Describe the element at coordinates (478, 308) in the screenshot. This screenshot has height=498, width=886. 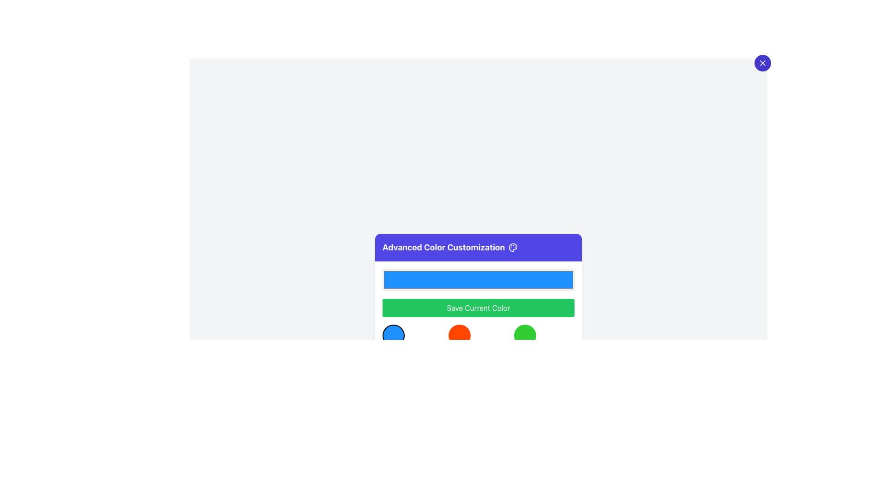
I see `the green button labeled 'Save Current Color' located at the center of the 'Advanced Color Customization' card` at that location.